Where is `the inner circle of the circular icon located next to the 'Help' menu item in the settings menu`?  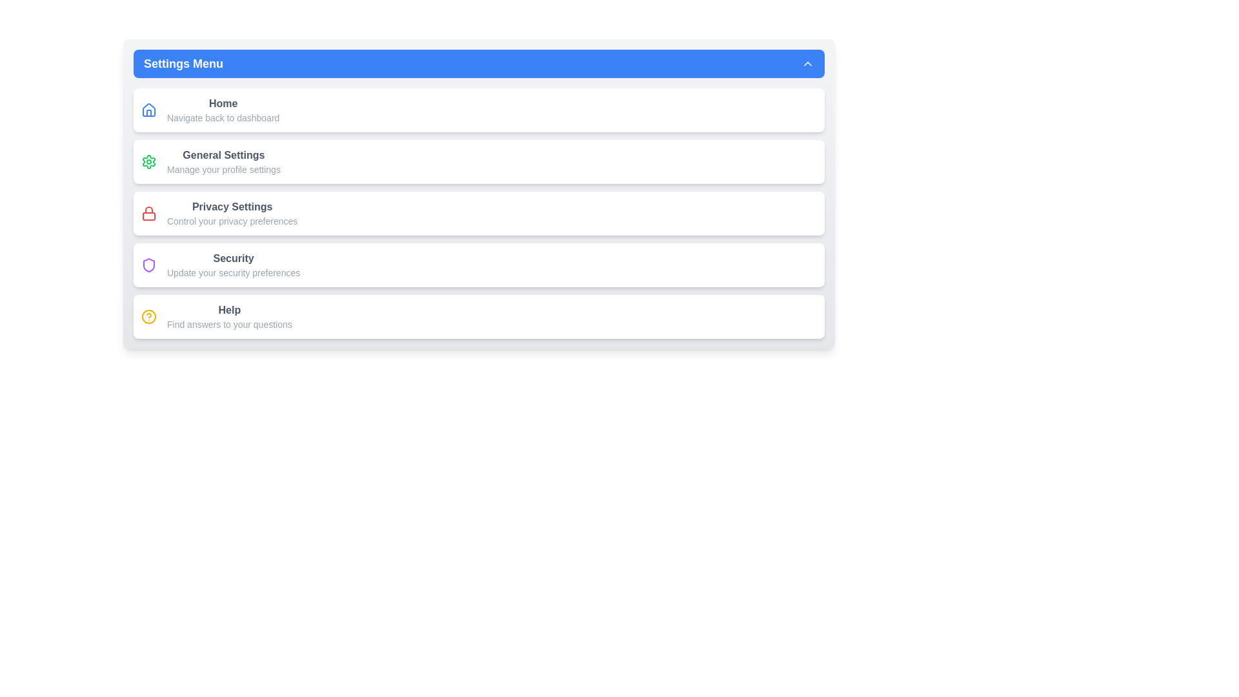 the inner circle of the circular icon located next to the 'Help' menu item in the settings menu is located at coordinates (148, 316).